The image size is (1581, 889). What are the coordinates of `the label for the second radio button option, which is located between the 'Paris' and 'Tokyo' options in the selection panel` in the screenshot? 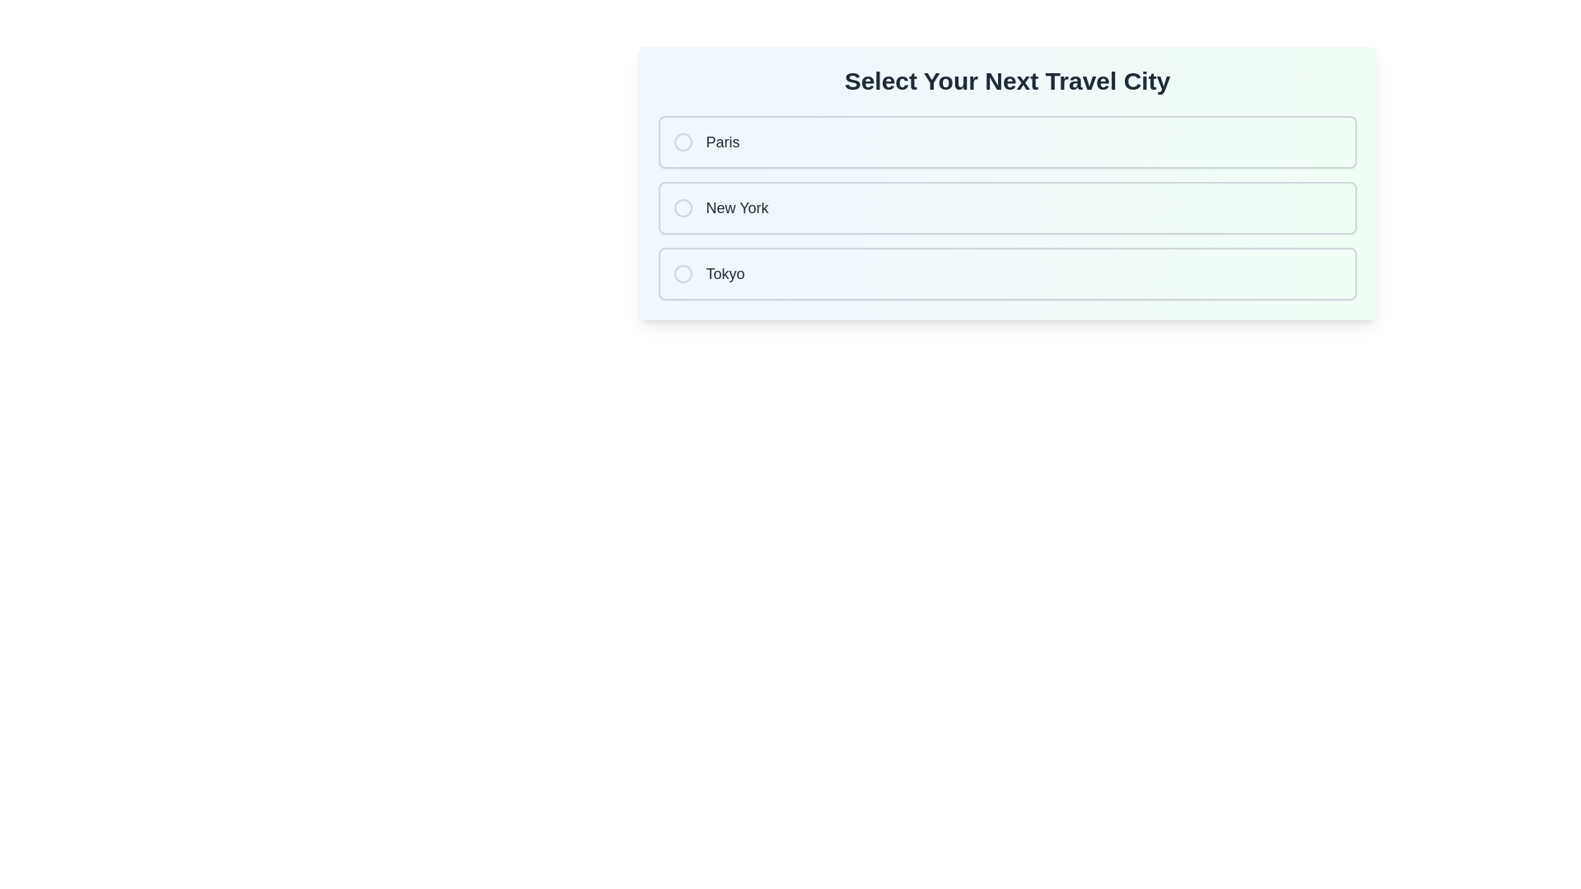 It's located at (736, 207).